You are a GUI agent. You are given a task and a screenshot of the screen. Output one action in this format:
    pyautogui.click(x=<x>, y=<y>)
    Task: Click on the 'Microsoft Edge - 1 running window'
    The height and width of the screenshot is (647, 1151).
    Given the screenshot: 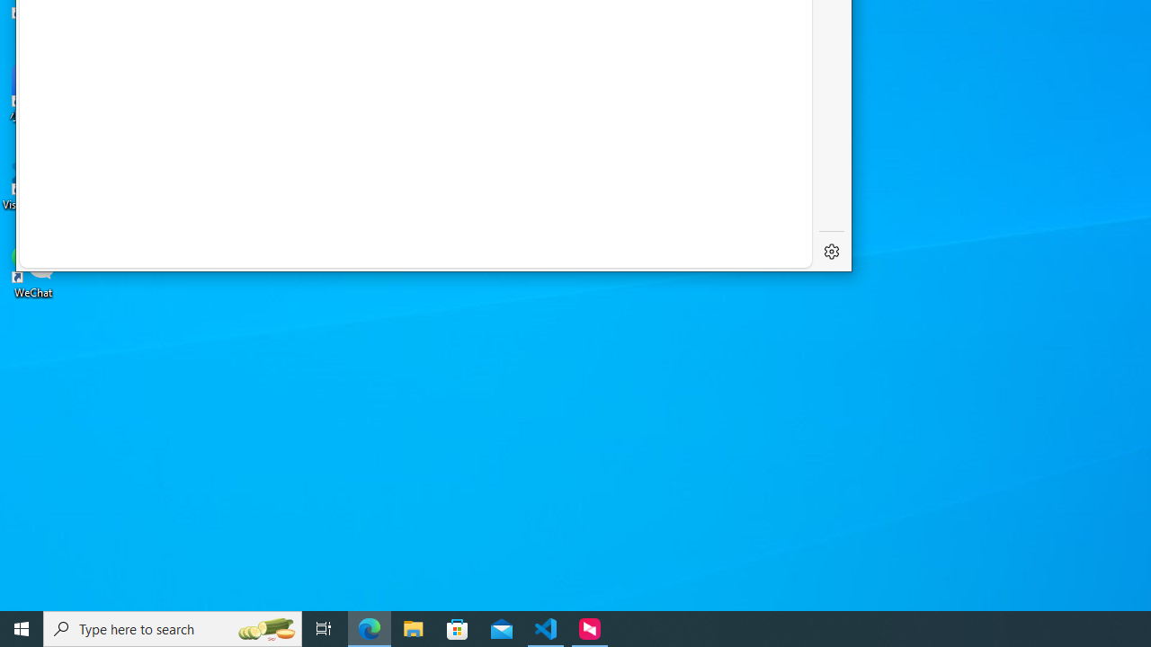 What is the action you would take?
    pyautogui.click(x=369, y=627)
    